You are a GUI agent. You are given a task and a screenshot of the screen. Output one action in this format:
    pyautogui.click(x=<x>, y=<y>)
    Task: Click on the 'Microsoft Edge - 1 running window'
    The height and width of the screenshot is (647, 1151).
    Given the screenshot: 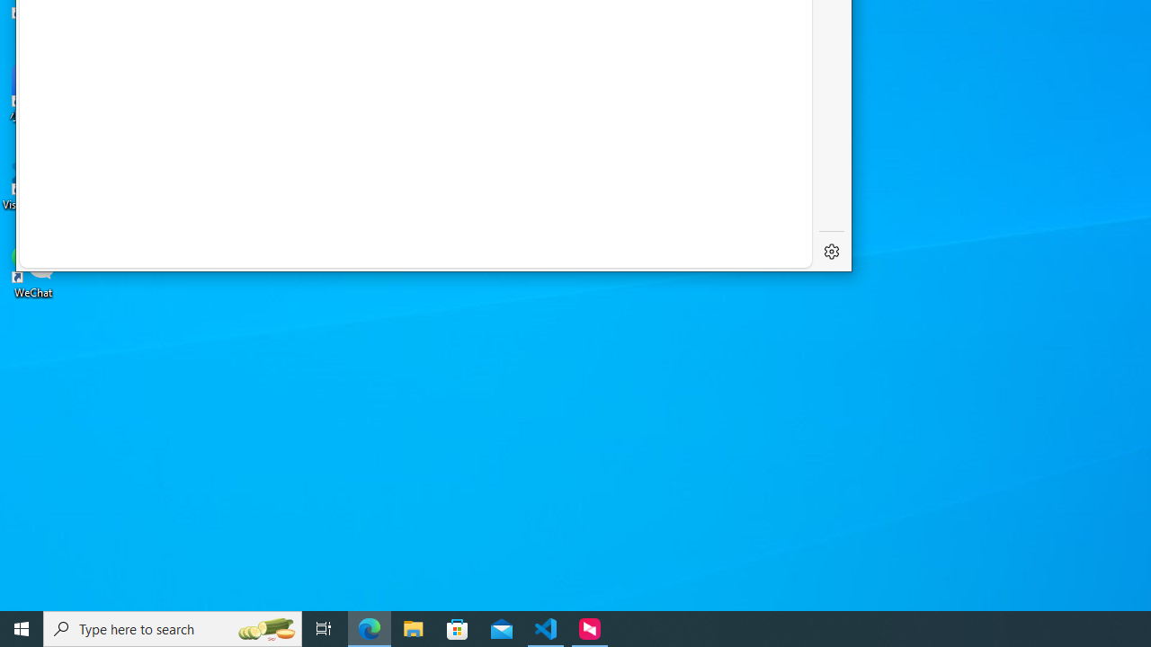 What is the action you would take?
    pyautogui.click(x=369, y=627)
    